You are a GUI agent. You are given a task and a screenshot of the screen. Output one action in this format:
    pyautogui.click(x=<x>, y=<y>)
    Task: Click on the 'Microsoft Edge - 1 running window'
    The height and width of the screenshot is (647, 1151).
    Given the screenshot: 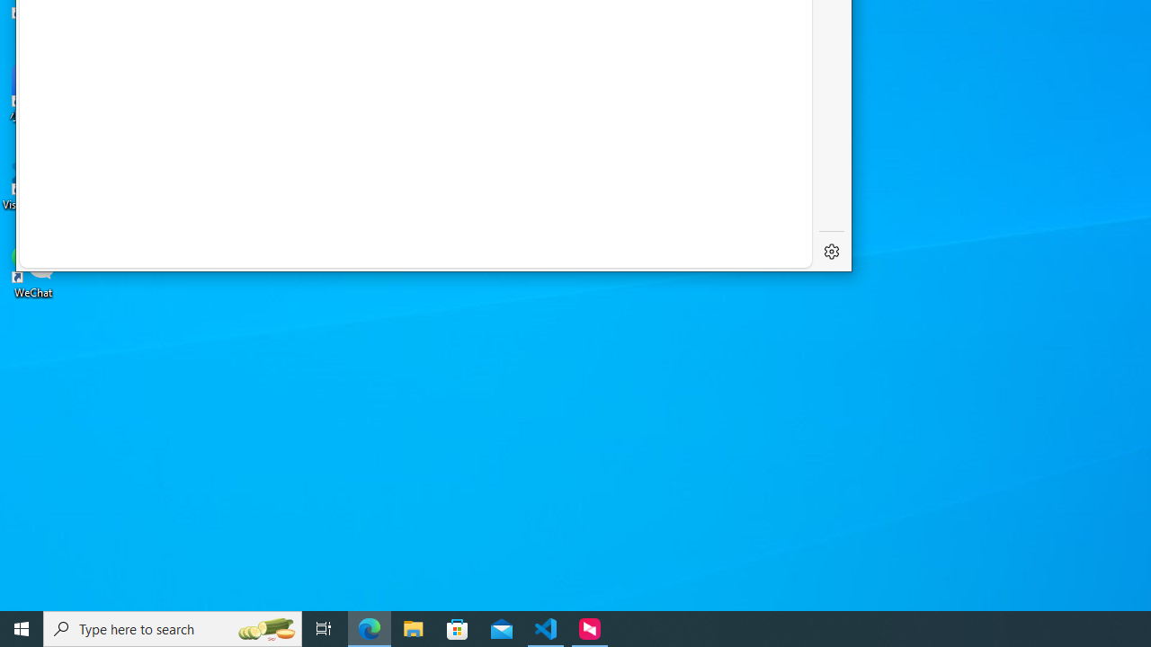 What is the action you would take?
    pyautogui.click(x=369, y=627)
    